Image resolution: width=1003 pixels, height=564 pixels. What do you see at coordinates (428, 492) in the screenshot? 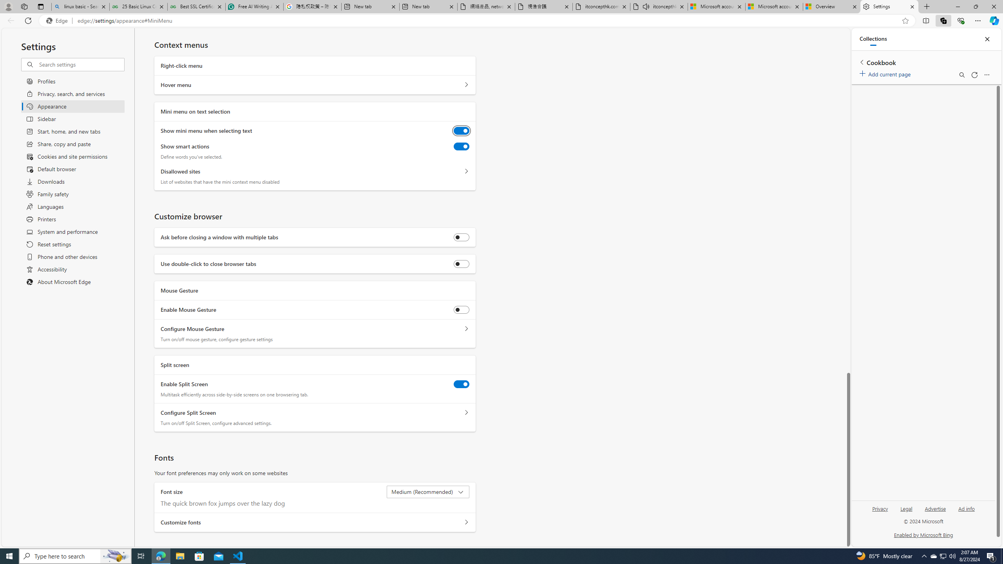
I see `'Font size Medium (Recommended)'` at bounding box center [428, 492].